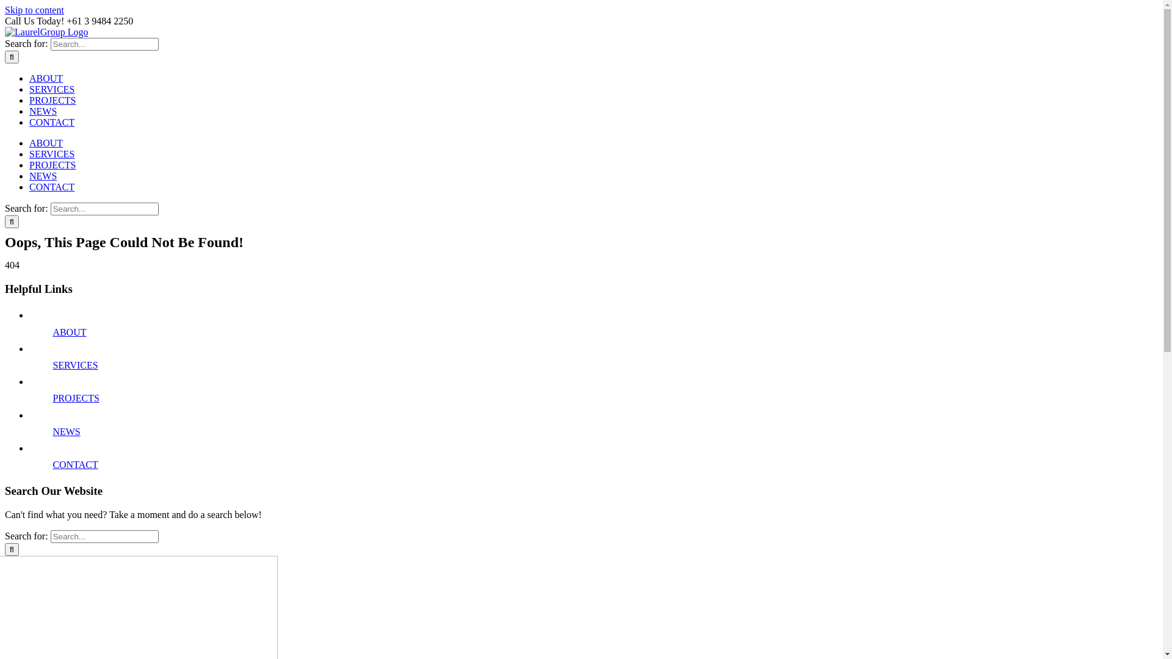 The height and width of the screenshot is (659, 1172). I want to click on 'SERVICES', so click(51, 153).